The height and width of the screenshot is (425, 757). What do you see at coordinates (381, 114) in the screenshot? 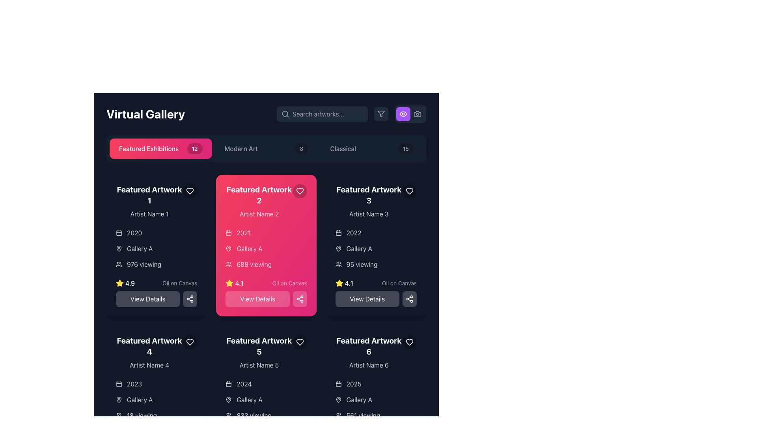
I see `the filter icon located in the upper-right section of the interface` at bounding box center [381, 114].